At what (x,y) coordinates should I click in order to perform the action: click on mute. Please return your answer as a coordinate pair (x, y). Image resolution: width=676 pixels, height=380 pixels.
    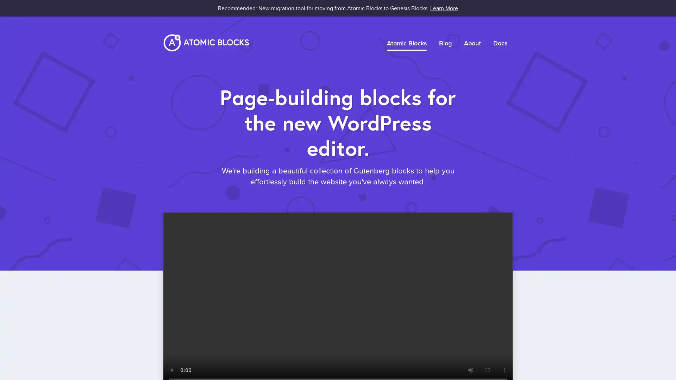
    Looking at the image, I should click on (470, 370).